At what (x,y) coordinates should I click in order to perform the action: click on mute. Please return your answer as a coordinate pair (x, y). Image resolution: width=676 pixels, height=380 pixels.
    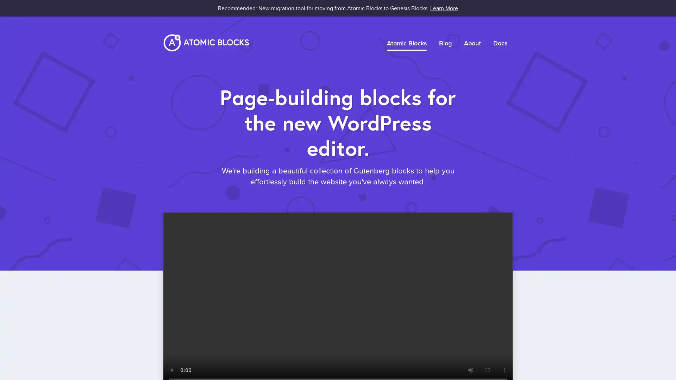
    Looking at the image, I should click on (470, 370).